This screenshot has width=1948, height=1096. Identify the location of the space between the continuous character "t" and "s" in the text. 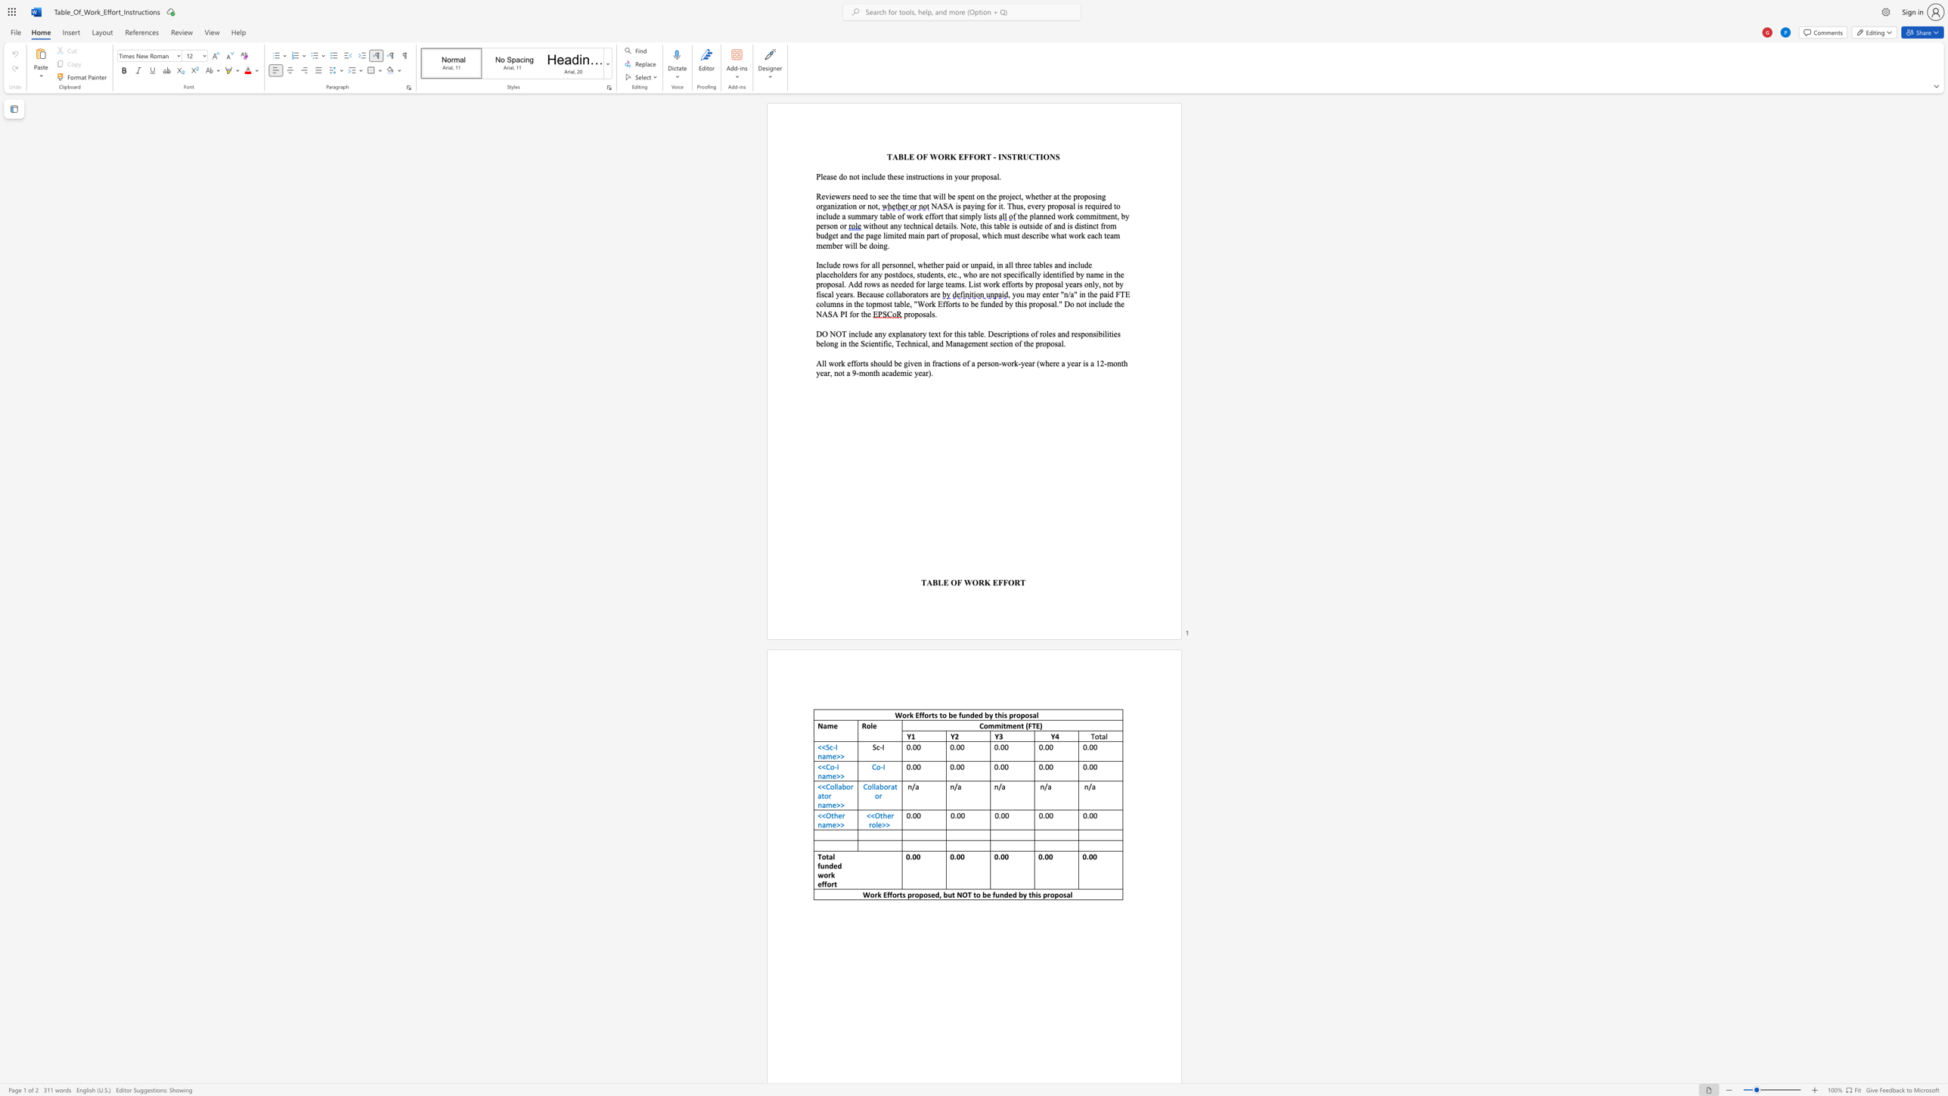
(933, 715).